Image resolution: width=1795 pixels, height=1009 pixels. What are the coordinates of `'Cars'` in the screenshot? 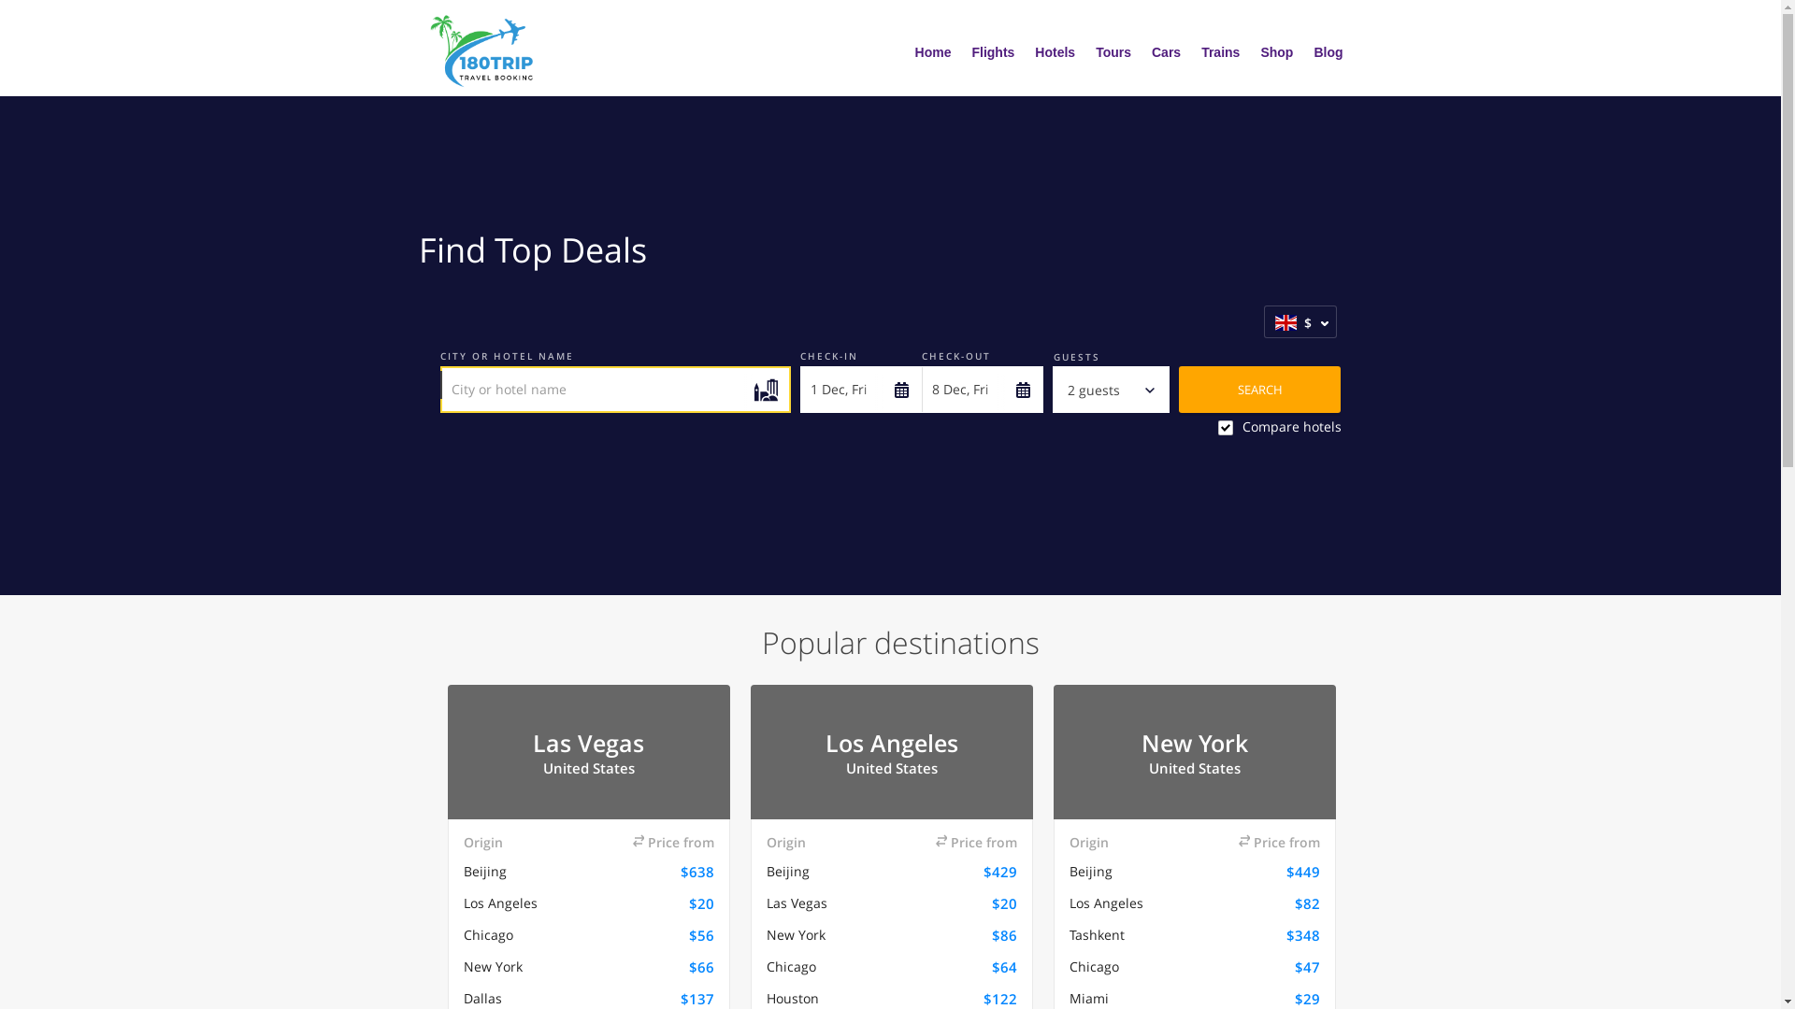 It's located at (1165, 52).